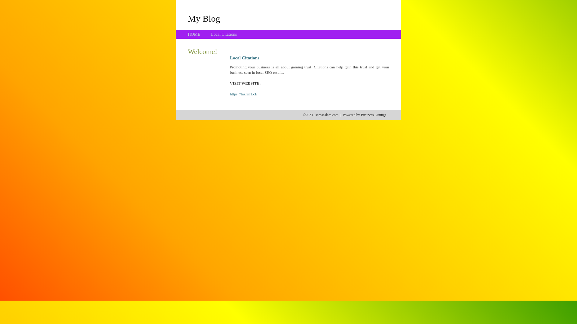 Image resolution: width=577 pixels, height=324 pixels. What do you see at coordinates (204, 18) in the screenshot?
I see `'My Blog'` at bounding box center [204, 18].